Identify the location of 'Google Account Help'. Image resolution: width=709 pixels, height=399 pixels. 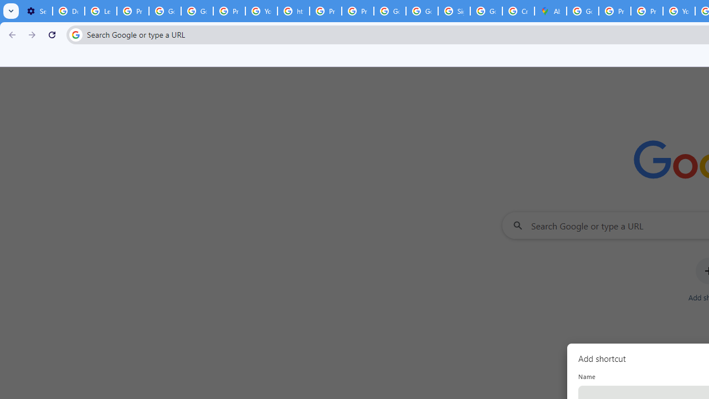
(197, 11).